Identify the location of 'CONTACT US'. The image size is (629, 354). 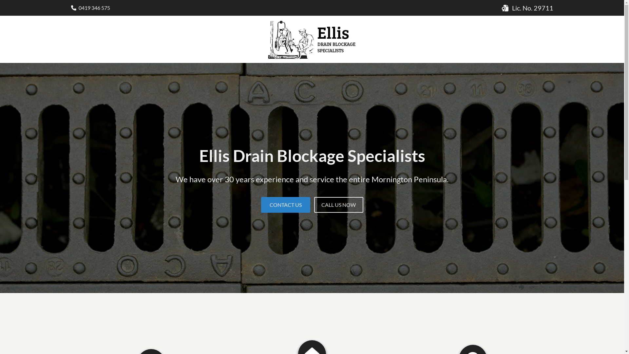
(261, 204).